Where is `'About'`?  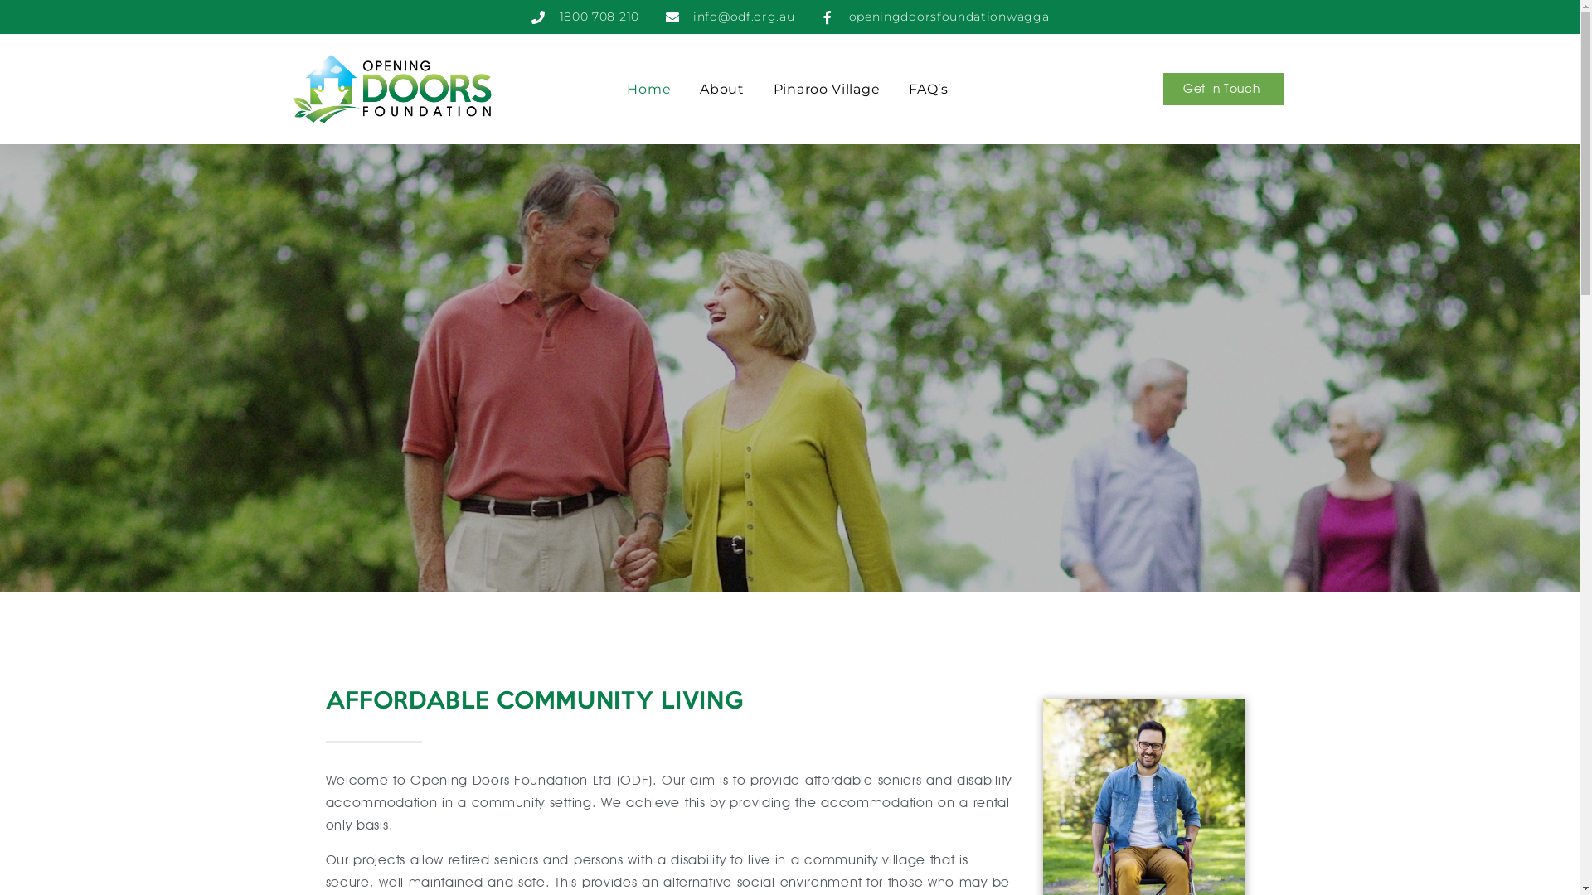 'About' is located at coordinates (700, 89).